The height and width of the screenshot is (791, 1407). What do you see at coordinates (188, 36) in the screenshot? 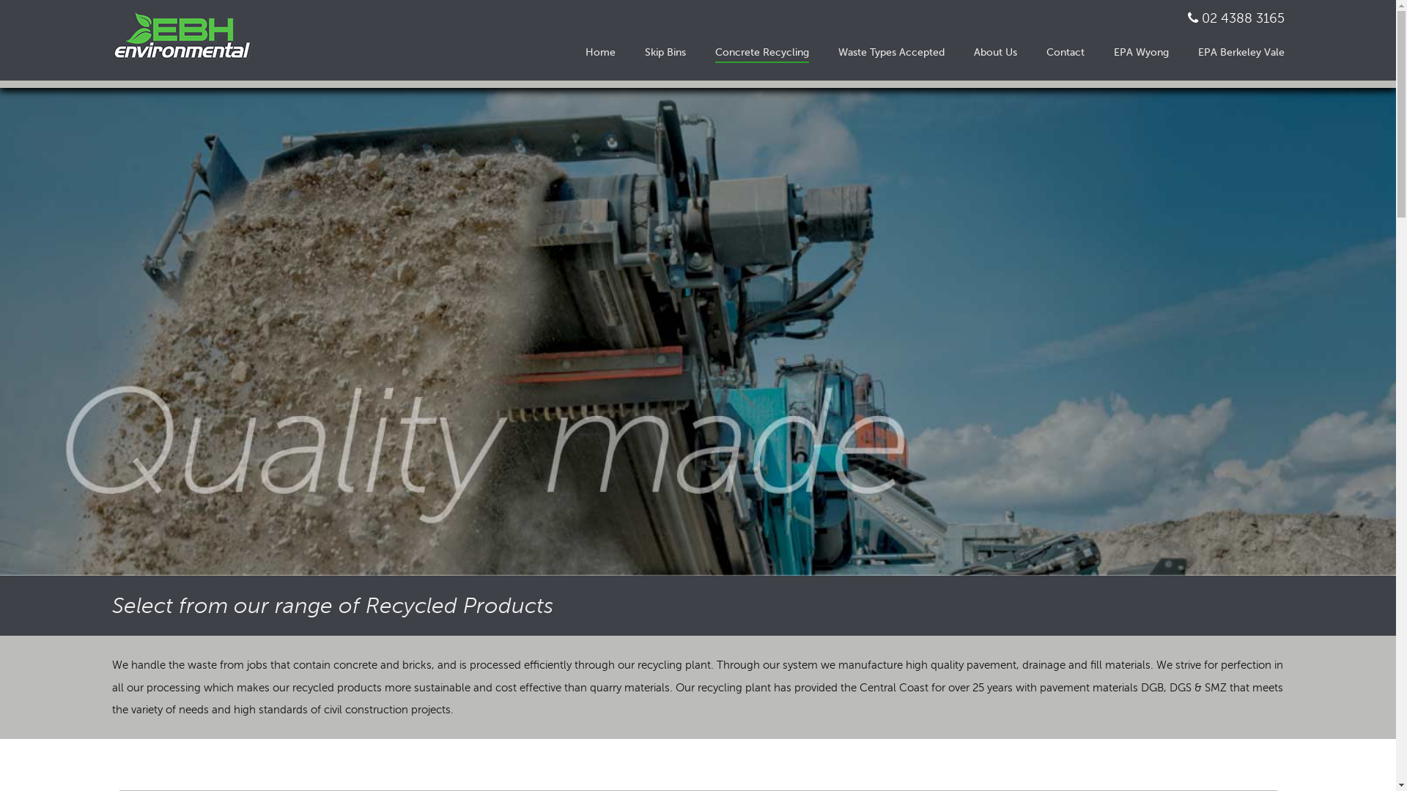
I see `'EBH Environmental'` at bounding box center [188, 36].